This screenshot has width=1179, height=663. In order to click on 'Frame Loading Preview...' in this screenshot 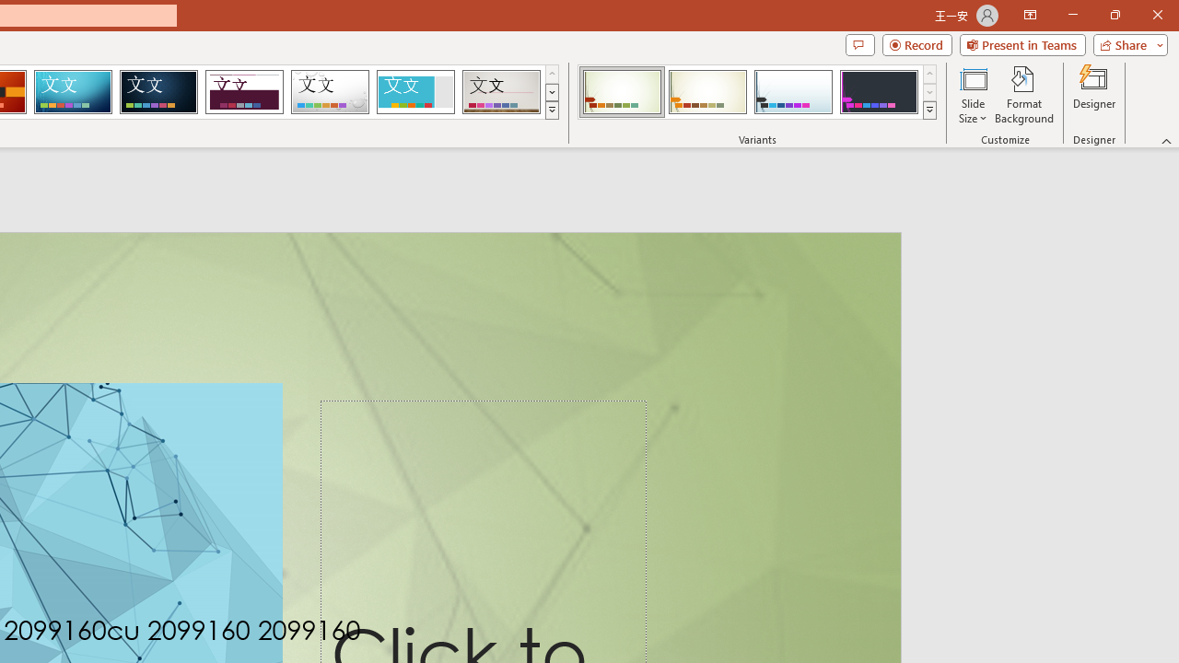, I will do `click(414, 92)`.